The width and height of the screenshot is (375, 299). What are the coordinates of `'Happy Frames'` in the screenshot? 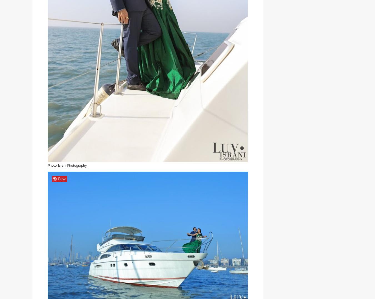 It's located at (53, 223).